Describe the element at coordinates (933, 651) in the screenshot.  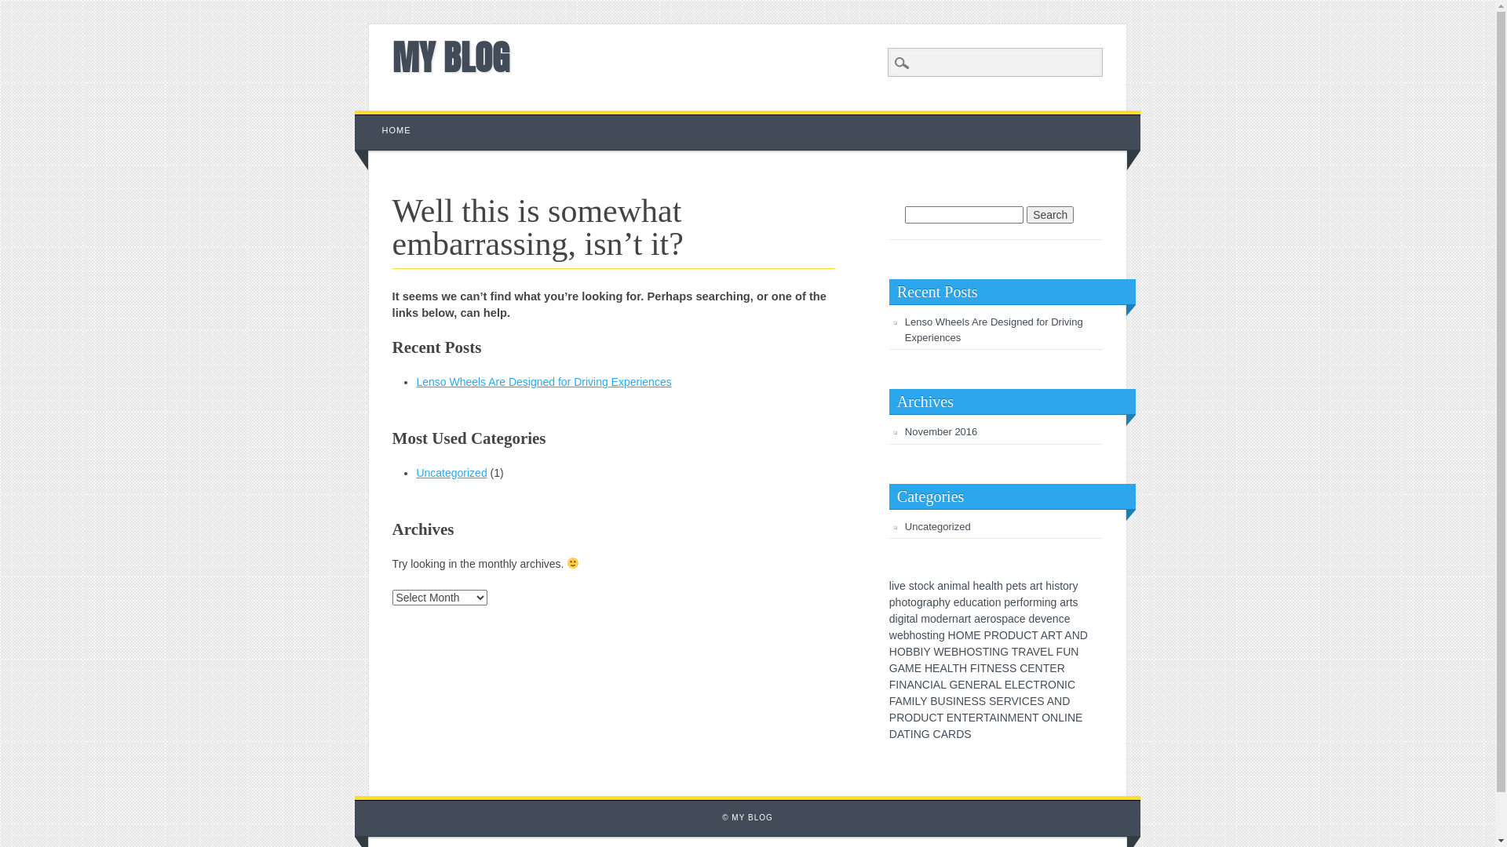
I see `'W'` at that location.